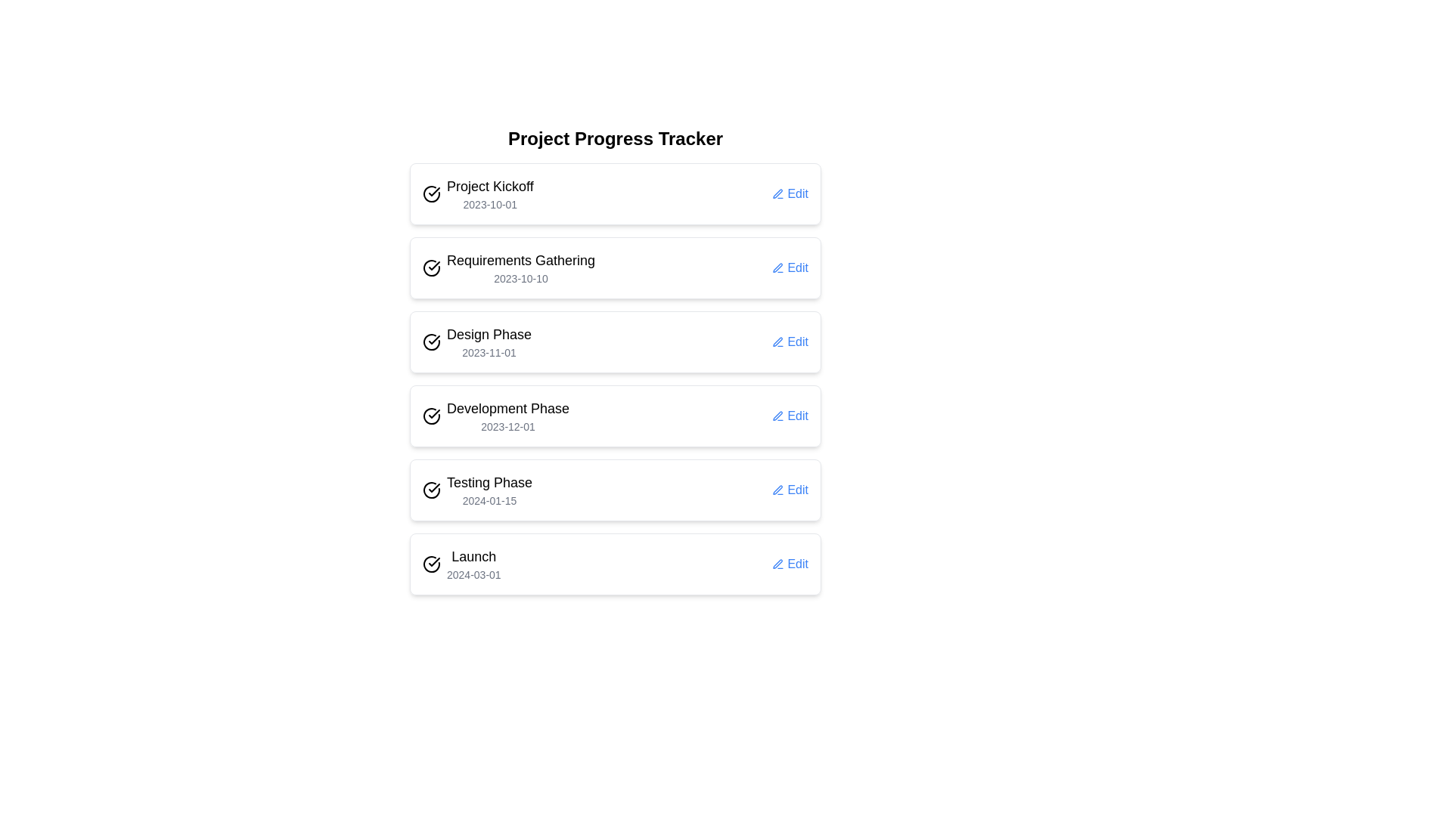  Describe the element at coordinates (790, 193) in the screenshot. I see `the 'Edit' button, which is a blue text label with an underline on hover and a pen icon, located on the right side of the first item in the project tasks list` at that location.